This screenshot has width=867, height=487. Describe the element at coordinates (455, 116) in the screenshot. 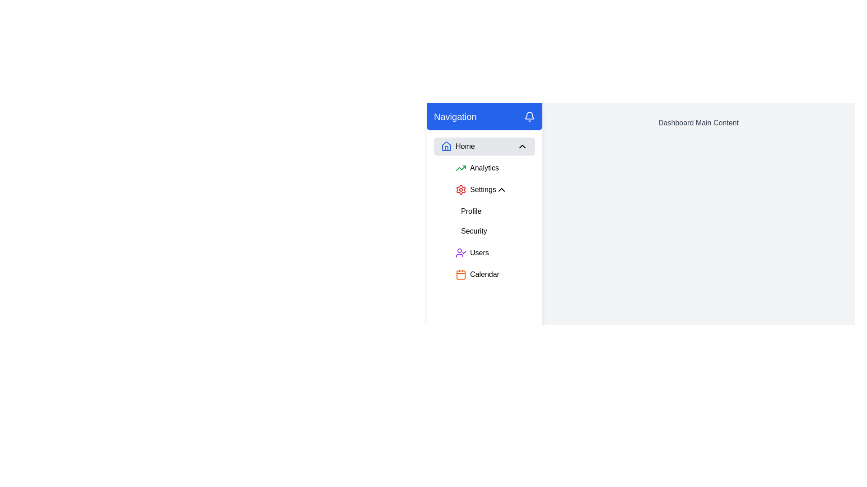

I see `the Text label located in the header section of the vertical navigation sidebar` at that location.